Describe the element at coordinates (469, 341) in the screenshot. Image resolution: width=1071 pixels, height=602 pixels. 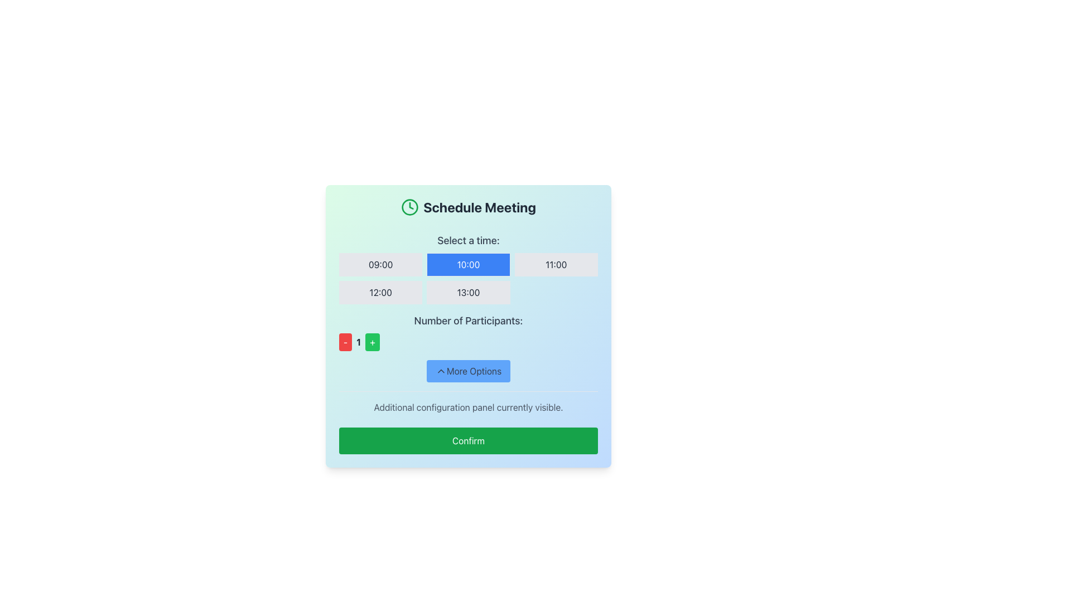
I see `the red button labeled '-' in the Counter Control to decrease the count` at that location.